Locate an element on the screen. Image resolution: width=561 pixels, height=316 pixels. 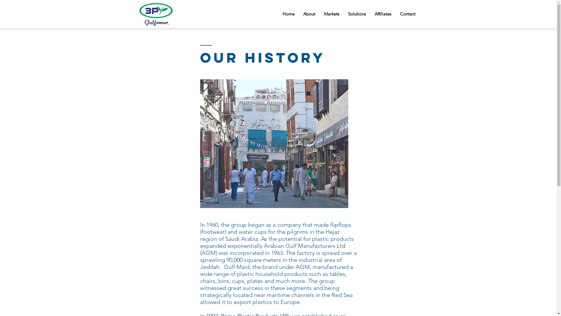
'Solutions' is located at coordinates (356, 13).